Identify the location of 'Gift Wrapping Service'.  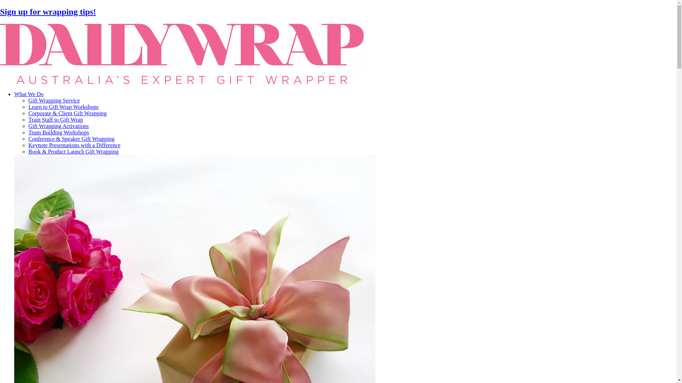
(54, 100).